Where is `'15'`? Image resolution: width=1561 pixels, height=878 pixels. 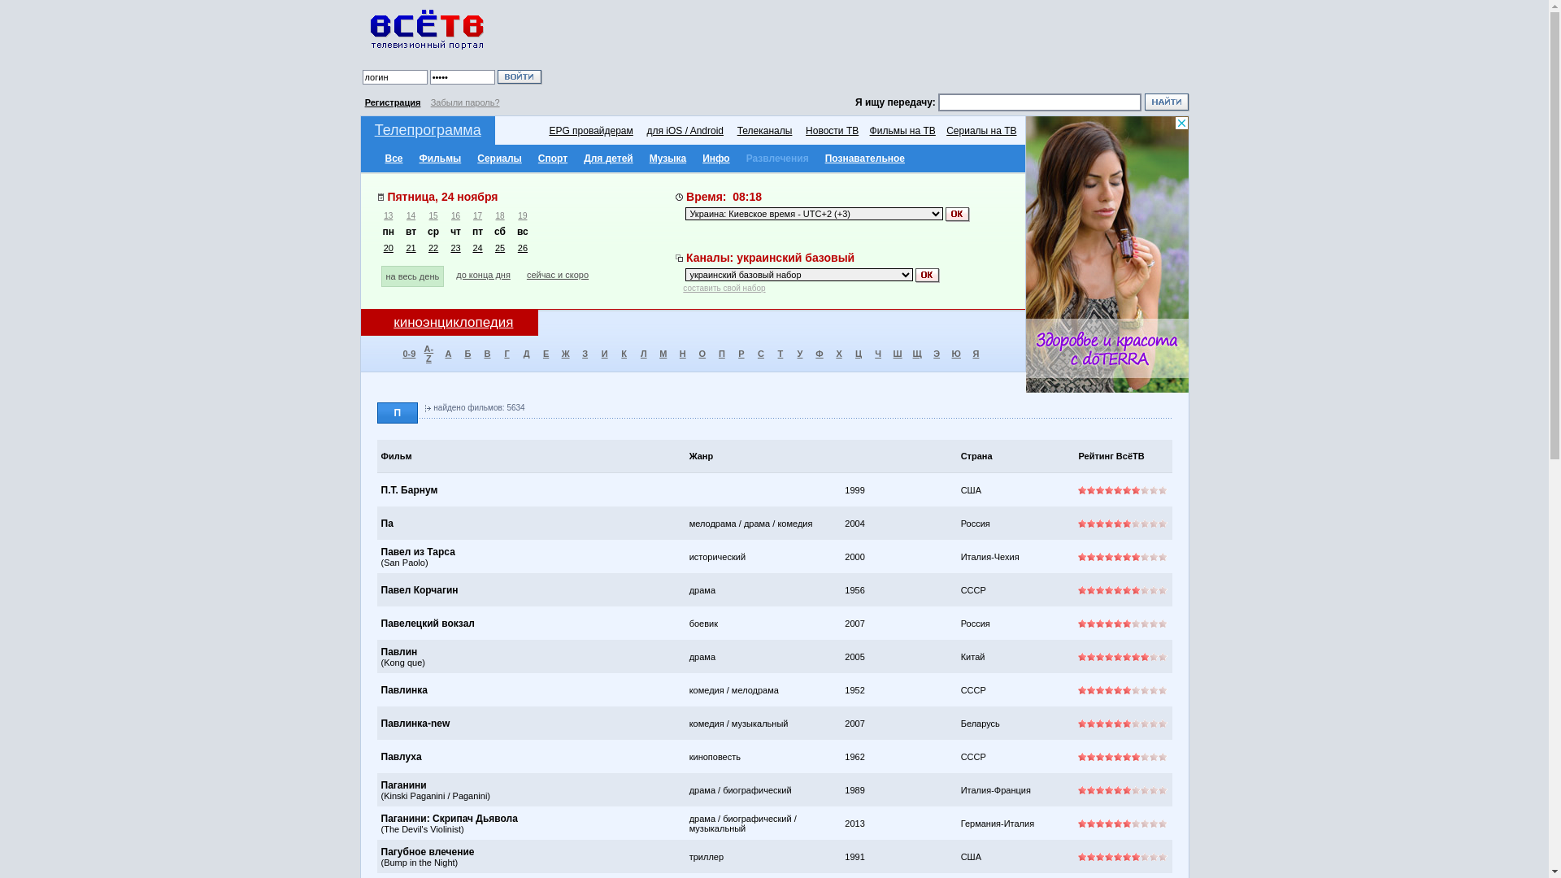
'15' is located at coordinates (429, 215).